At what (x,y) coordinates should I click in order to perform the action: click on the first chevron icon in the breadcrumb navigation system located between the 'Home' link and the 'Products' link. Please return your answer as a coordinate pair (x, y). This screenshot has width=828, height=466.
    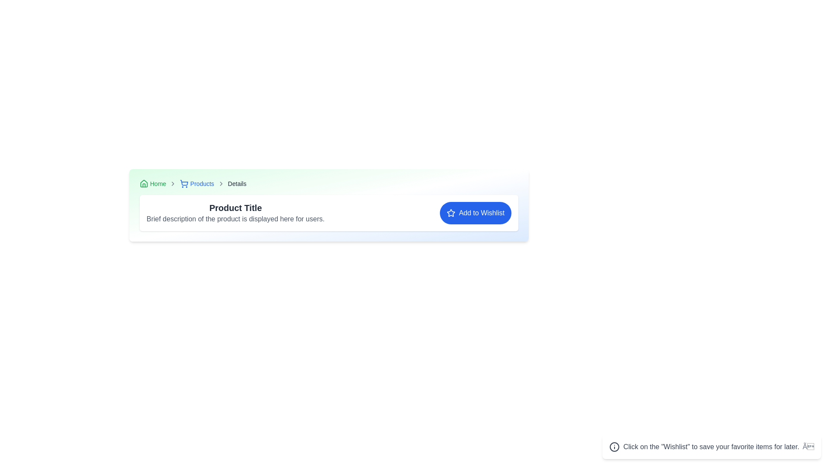
    Looking at the image, I should click on (172, 183).